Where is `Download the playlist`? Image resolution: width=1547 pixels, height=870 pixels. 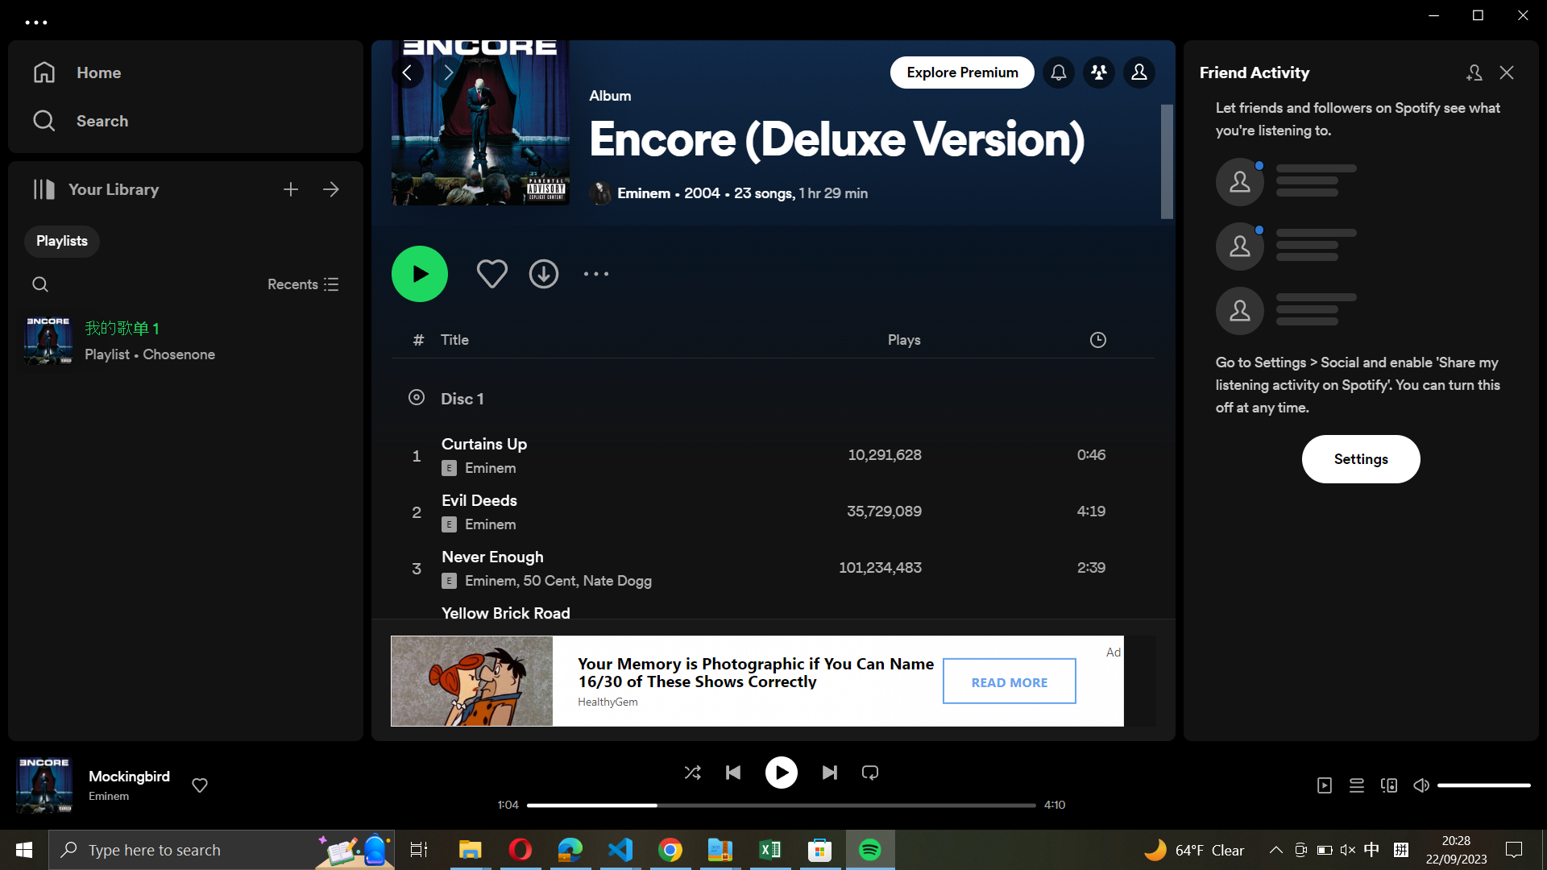 Download the playlist is located at coordinates (545, 271).